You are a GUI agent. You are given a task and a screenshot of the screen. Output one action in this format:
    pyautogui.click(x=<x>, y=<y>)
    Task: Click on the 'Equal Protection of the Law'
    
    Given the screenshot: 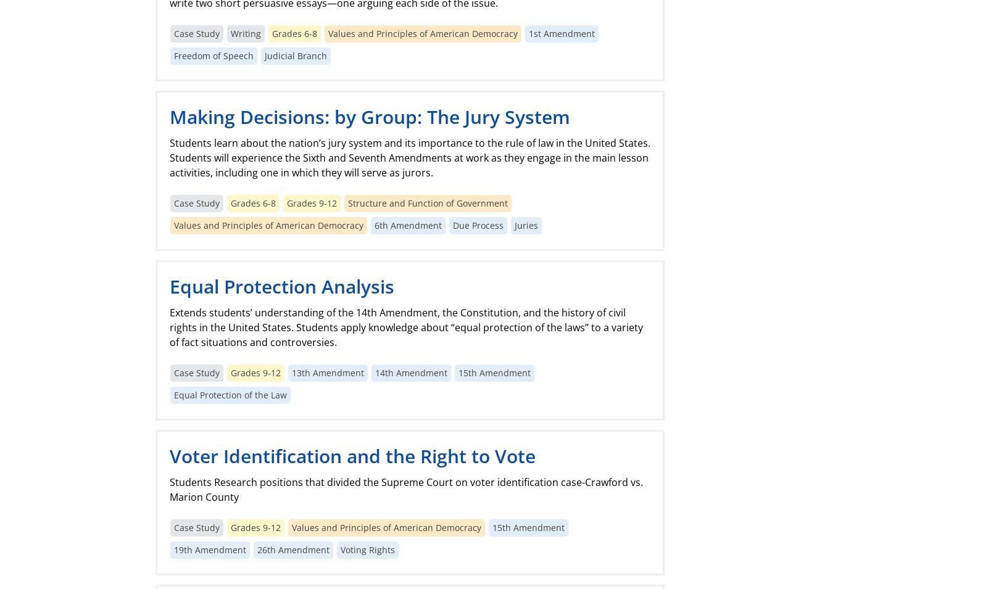 What is the action you would take?
    pyautogui.click(x=173, y=394)
    